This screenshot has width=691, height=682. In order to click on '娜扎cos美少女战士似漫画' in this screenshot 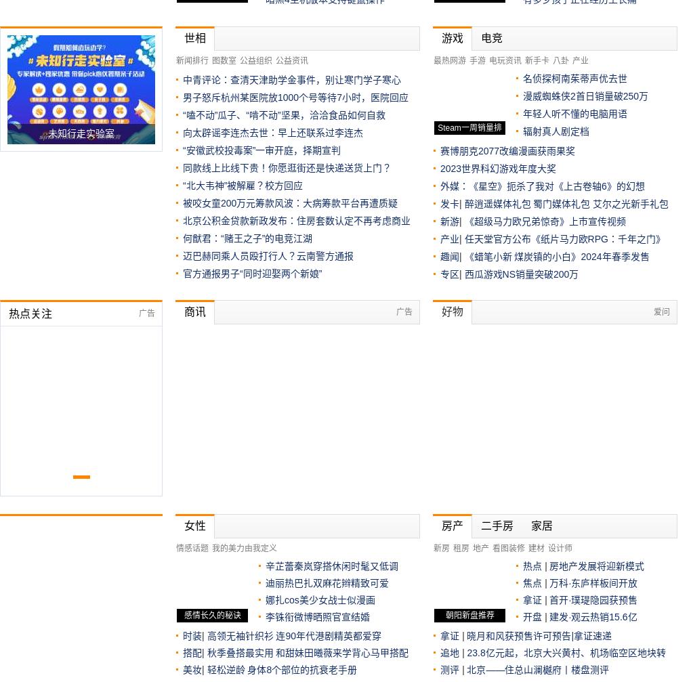, I will do `click(320, 599)`.